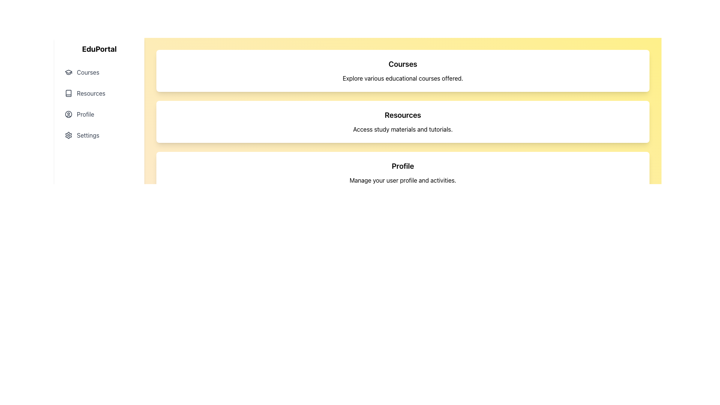  Describe the element at coordinates (99, 114) in the screenshot. I see `the clickable list item for the user's profile section in the vertical navigation menu, located third from the top` at that location.